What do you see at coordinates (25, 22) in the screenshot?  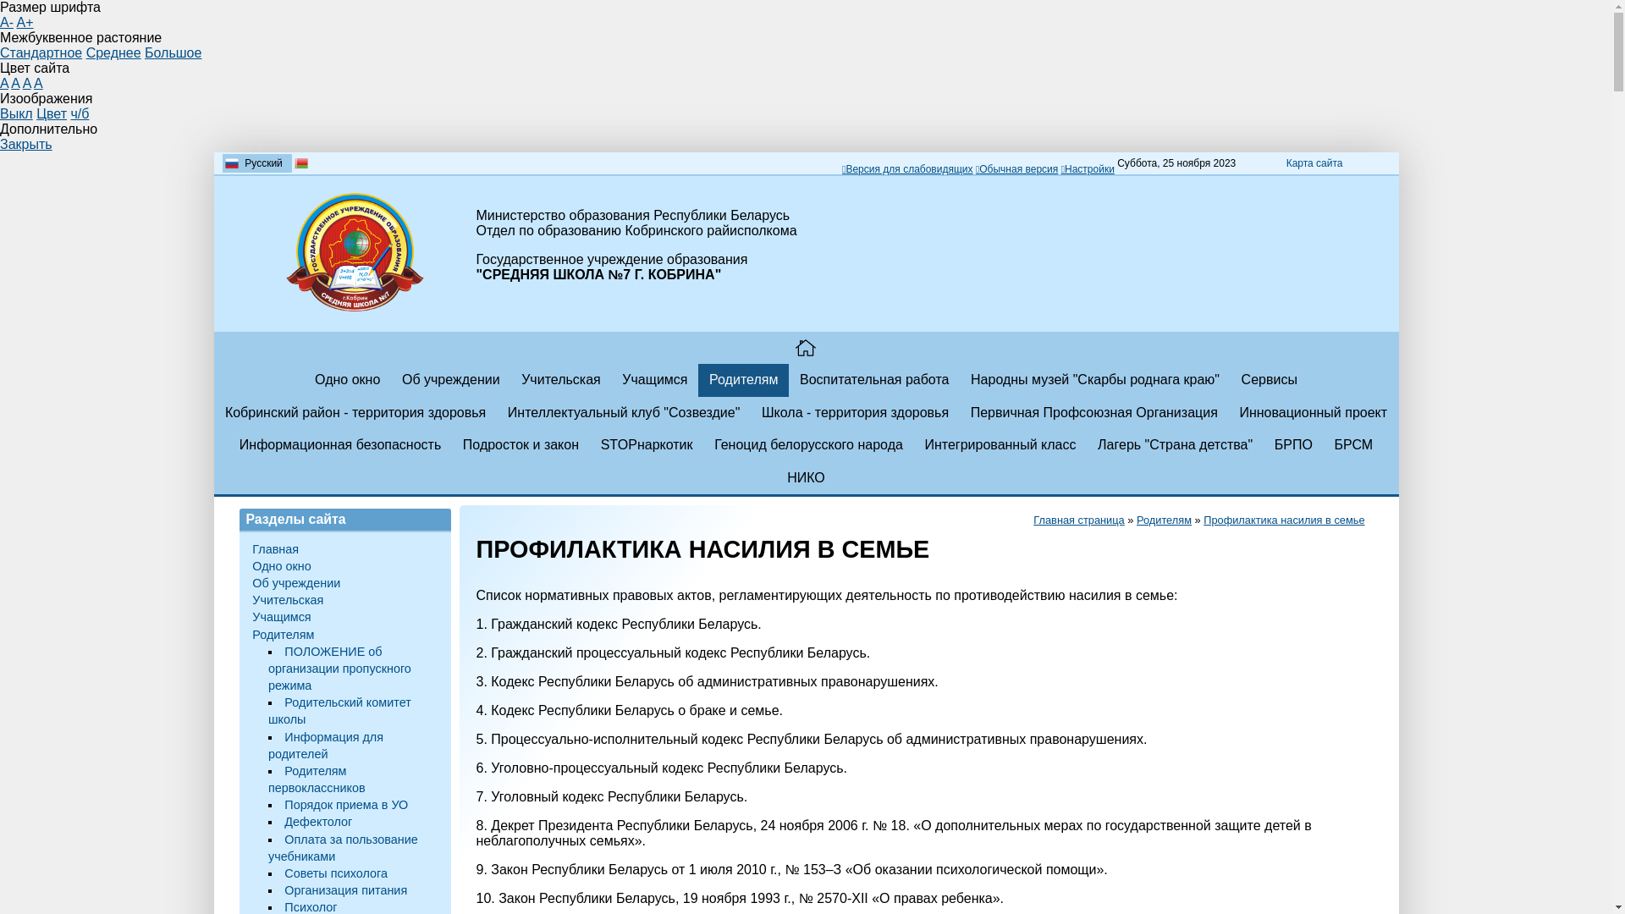 I see `'A+'` at bounding box center [25, 22].